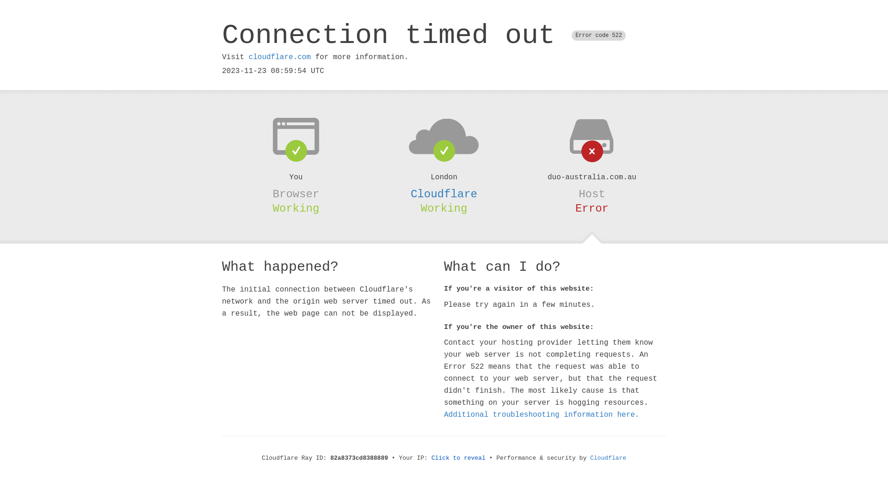 Image resolution: width=888 pixels, height=499 pixels. What do you see at coordinates (279, 57) in the screenshot?
I see `'cloudflare.com'` at bounding box center [279, 57].